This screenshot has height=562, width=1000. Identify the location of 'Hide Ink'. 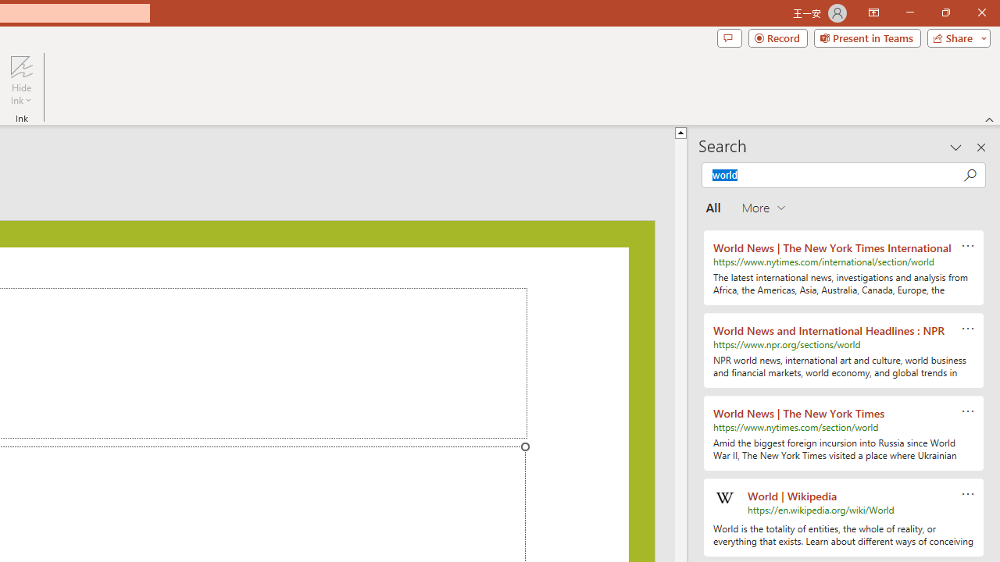
(21, 66).